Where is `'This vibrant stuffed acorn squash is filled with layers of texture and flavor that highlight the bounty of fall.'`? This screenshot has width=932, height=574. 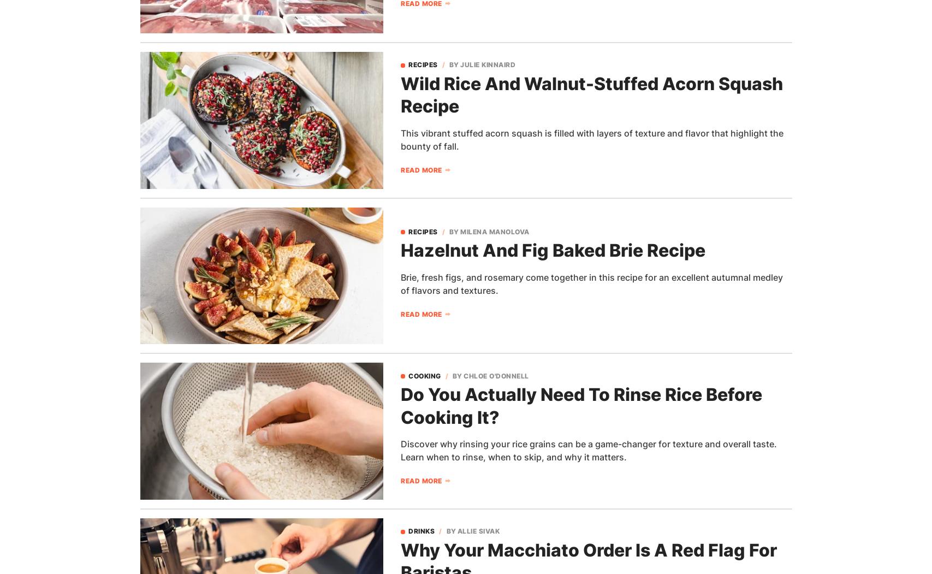 'This vibrant stuffed acorn squash is filled with layers of texture and flavor that highlight the bounty of fall.' is located at coordinates (591, 140).